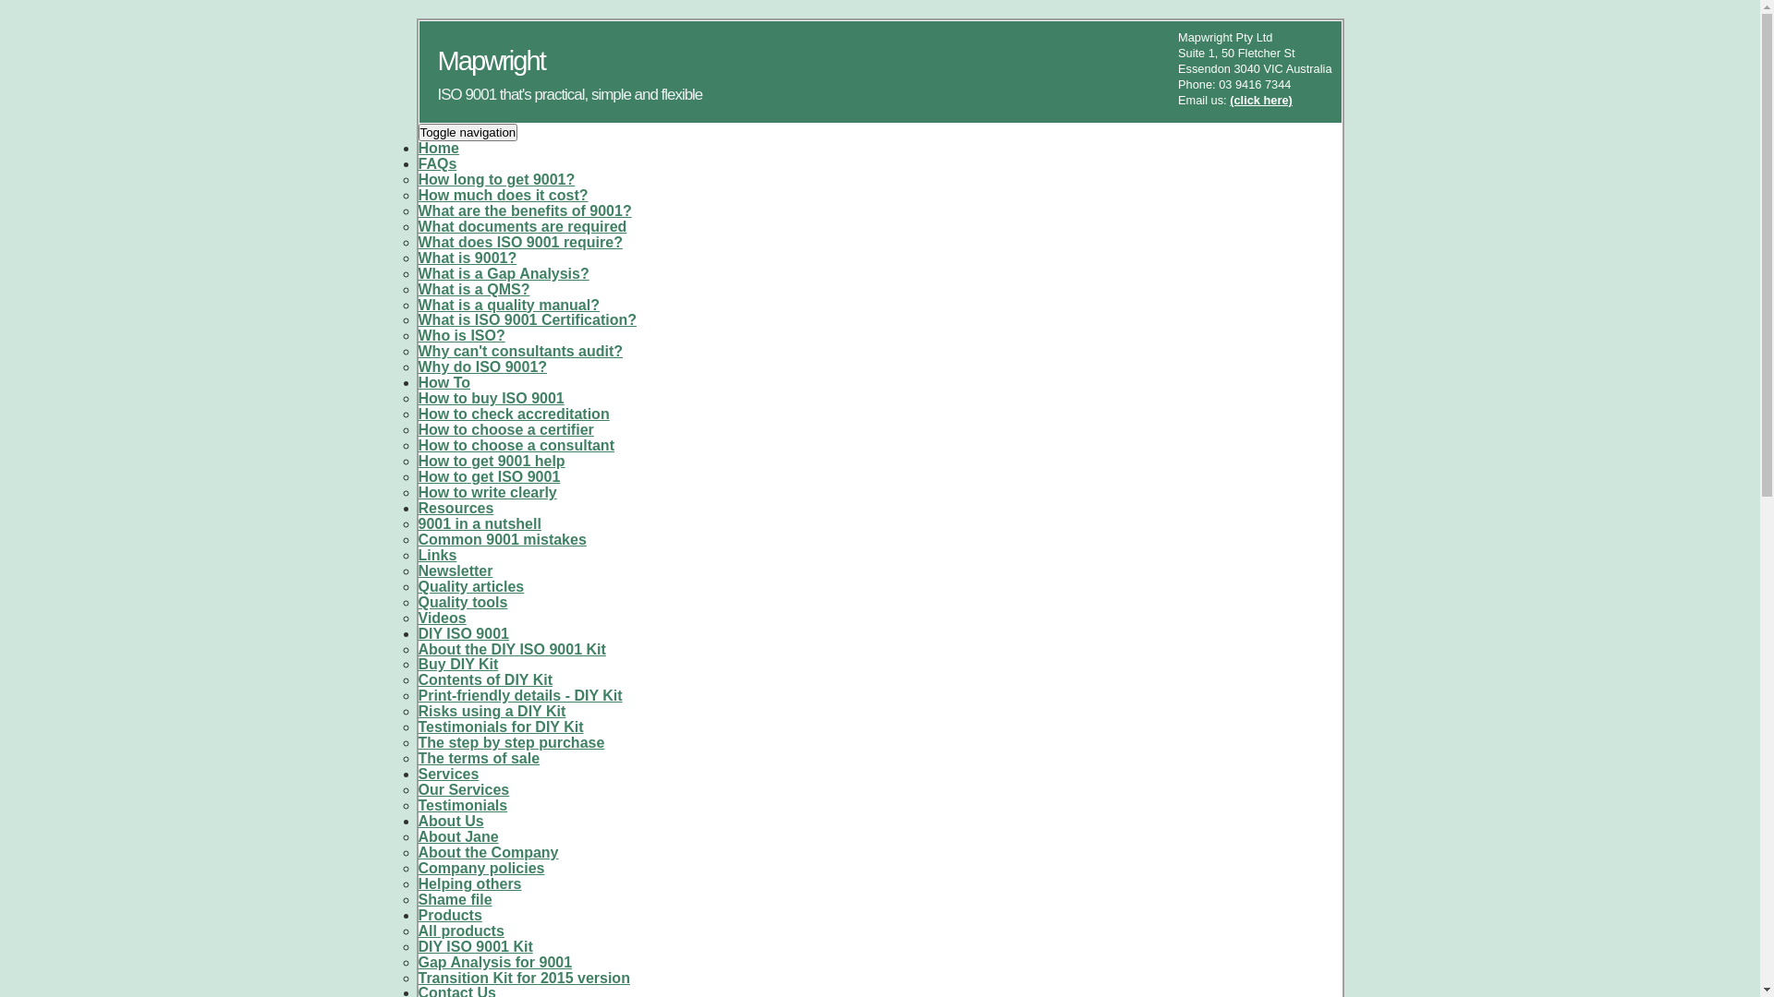 This screenshot has height=997, width=1774. What do you see at coordinates (491, 397) in the screenshot?
I see `'How to buy ISO 9001'` at bounding box center [491, 397].